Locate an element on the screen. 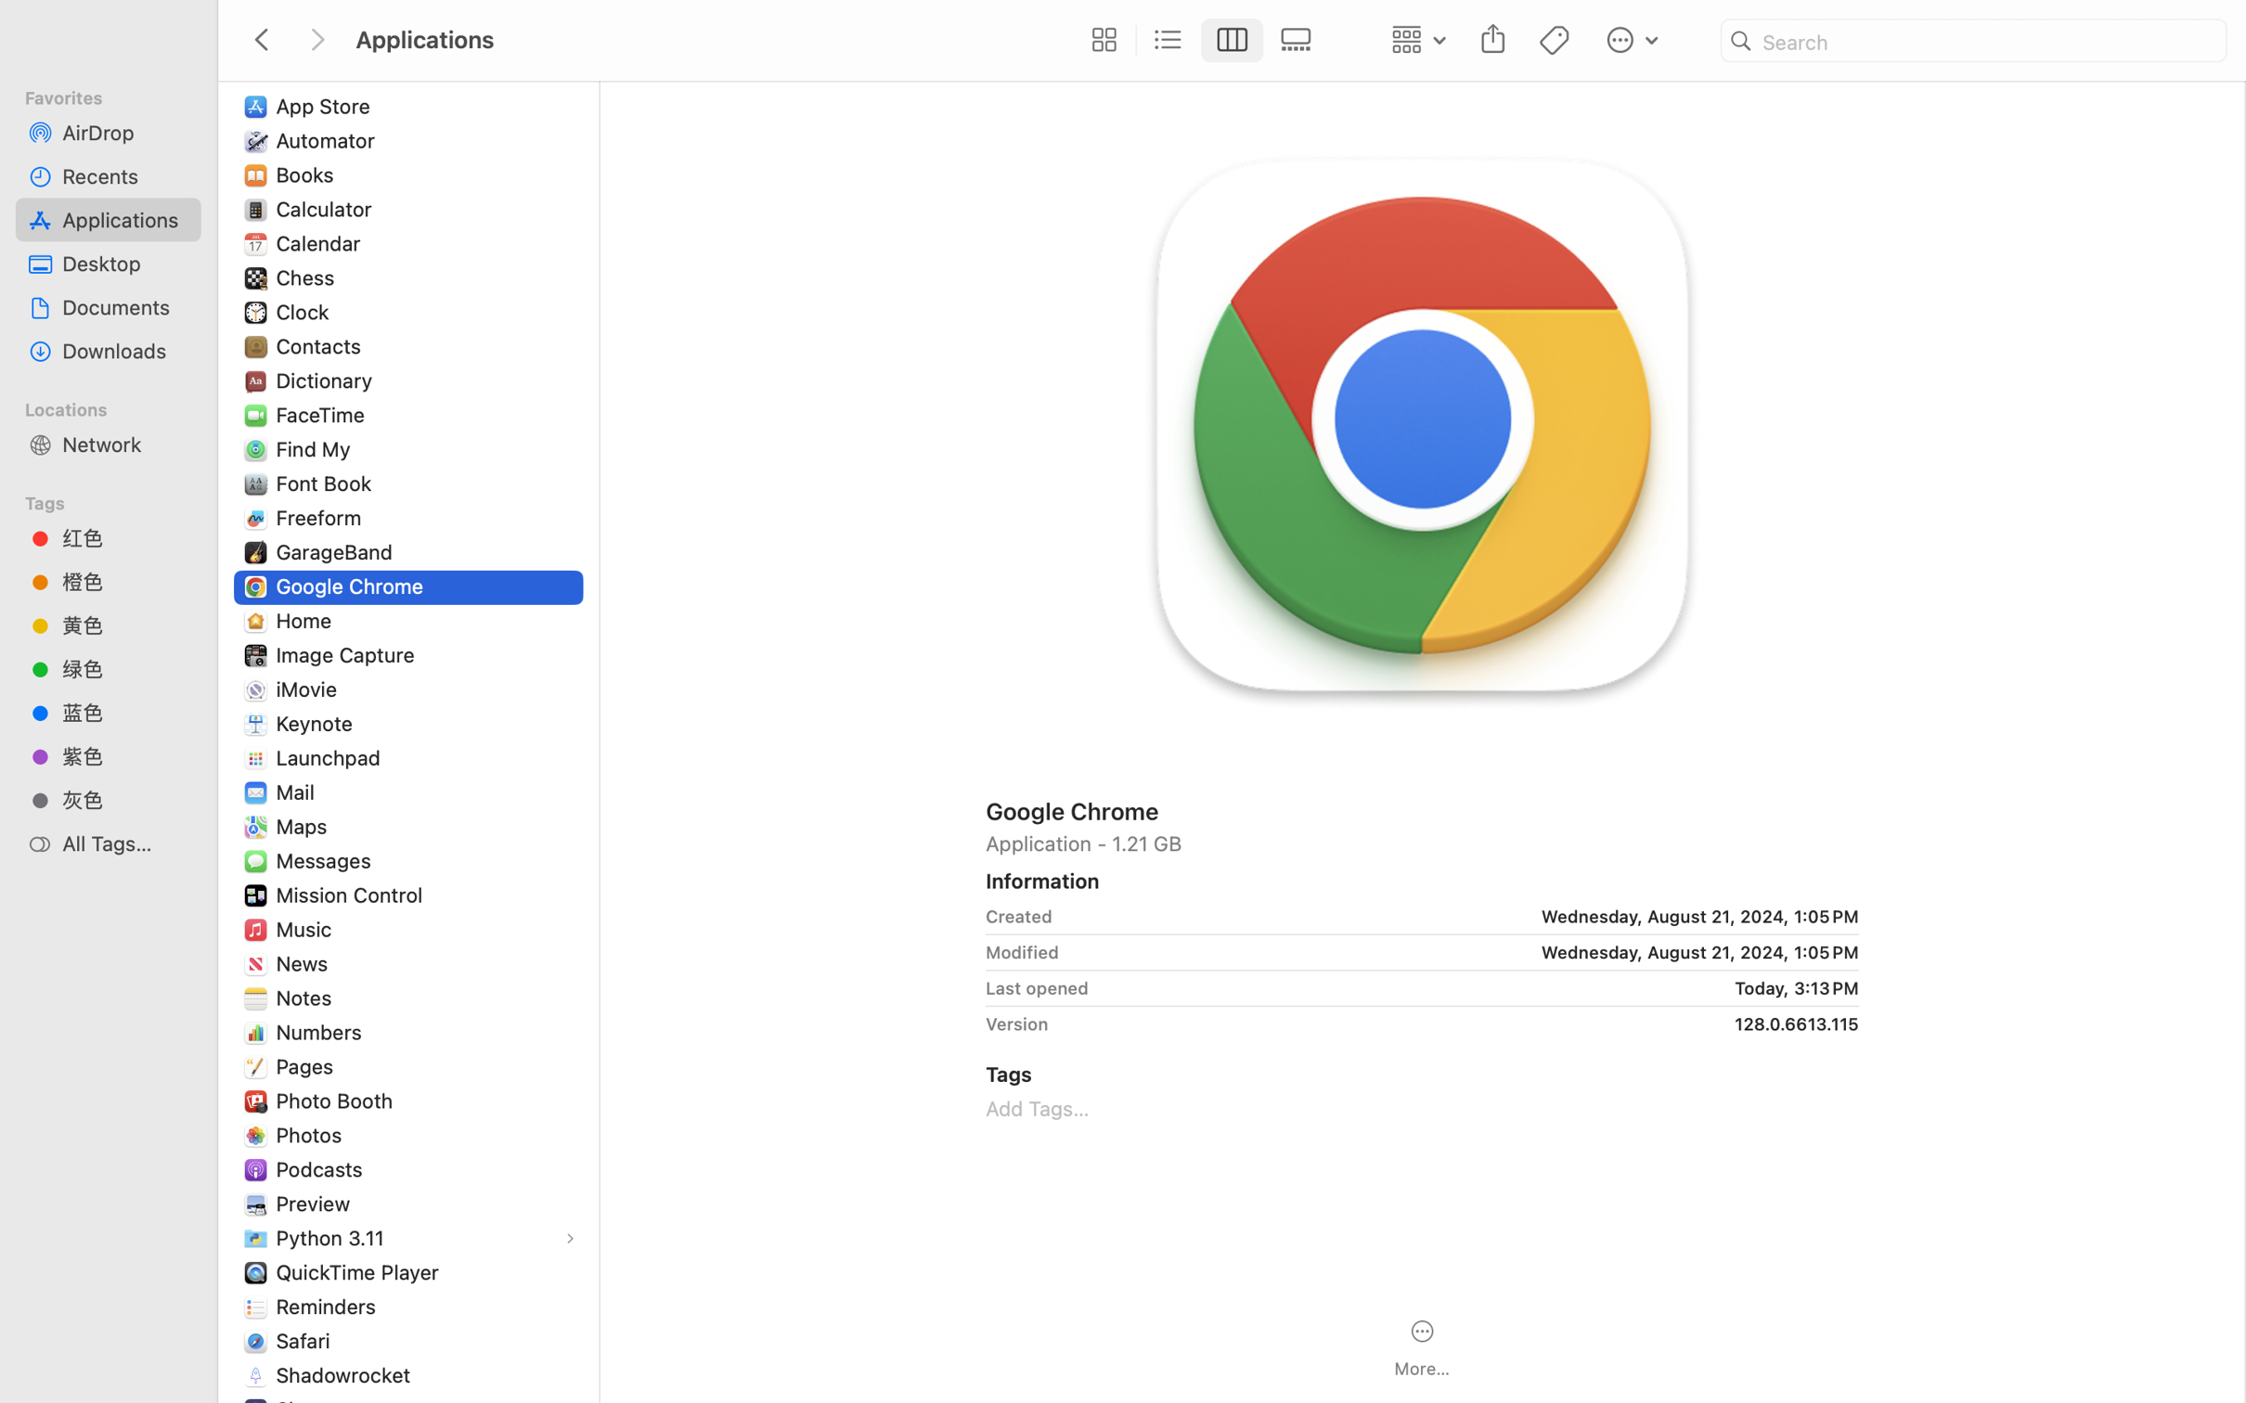 Image resolution: width=2246 pixels, height=1403 pixels. 'Modified' is located at coordinates (1021, 952).